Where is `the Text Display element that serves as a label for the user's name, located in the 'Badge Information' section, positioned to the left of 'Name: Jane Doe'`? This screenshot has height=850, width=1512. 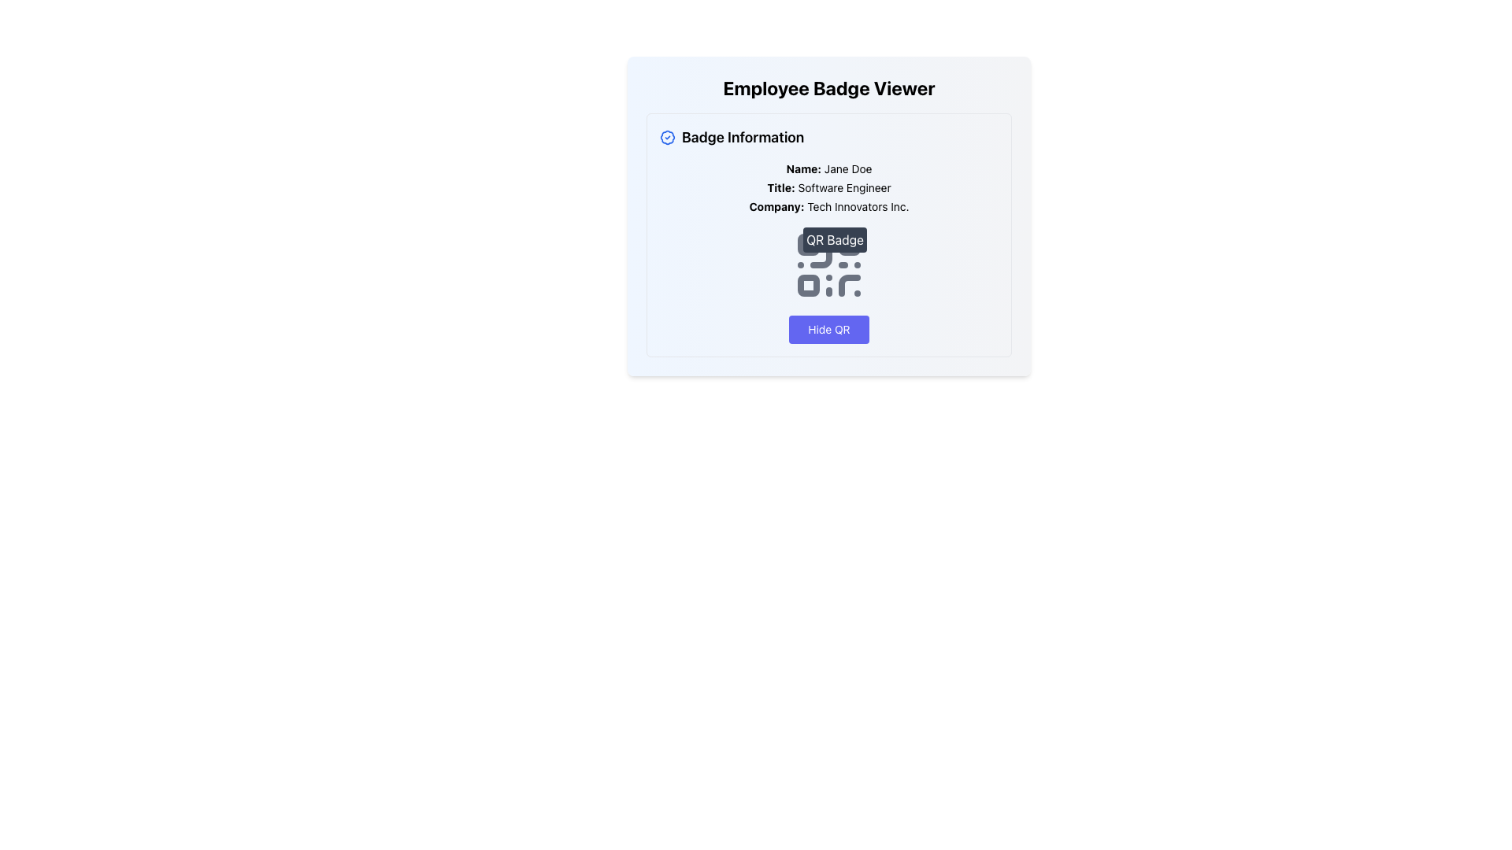 the Text Display element that serves as a label for the user's name, located in the 'Badge Information' section, positioned to the left of 'Name: Jane Doe' is located at coordinates (803, 168).